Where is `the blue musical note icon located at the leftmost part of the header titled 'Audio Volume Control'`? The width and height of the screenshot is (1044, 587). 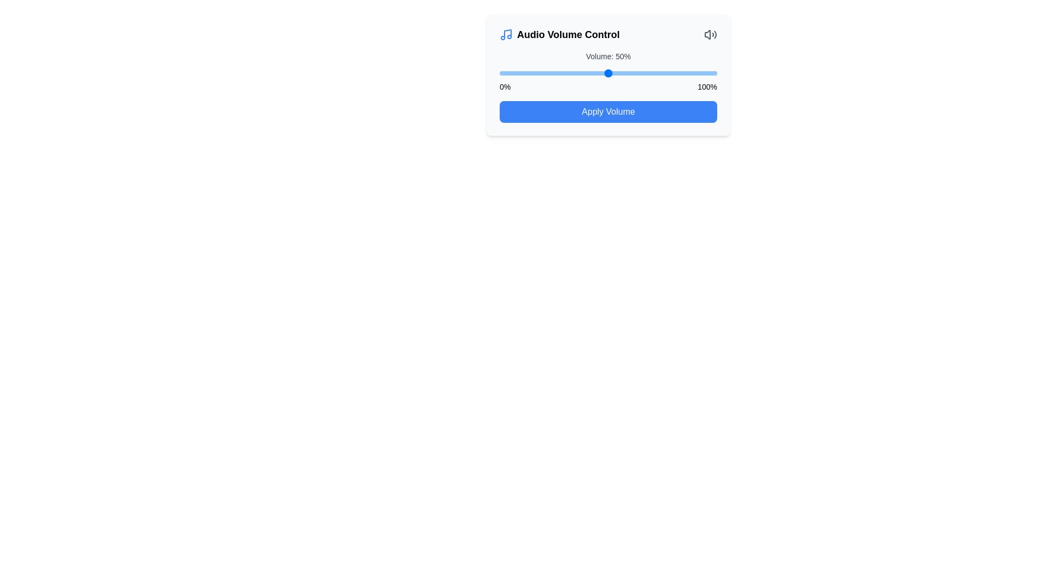
the blue musical note icon located at the leftmost part of the header titled 'Audio Volume Control' is located at coordinates (506, 34).